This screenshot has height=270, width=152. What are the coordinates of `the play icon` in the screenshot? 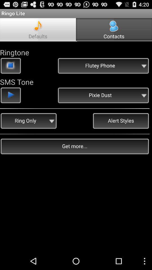 It's located at (11, 102).